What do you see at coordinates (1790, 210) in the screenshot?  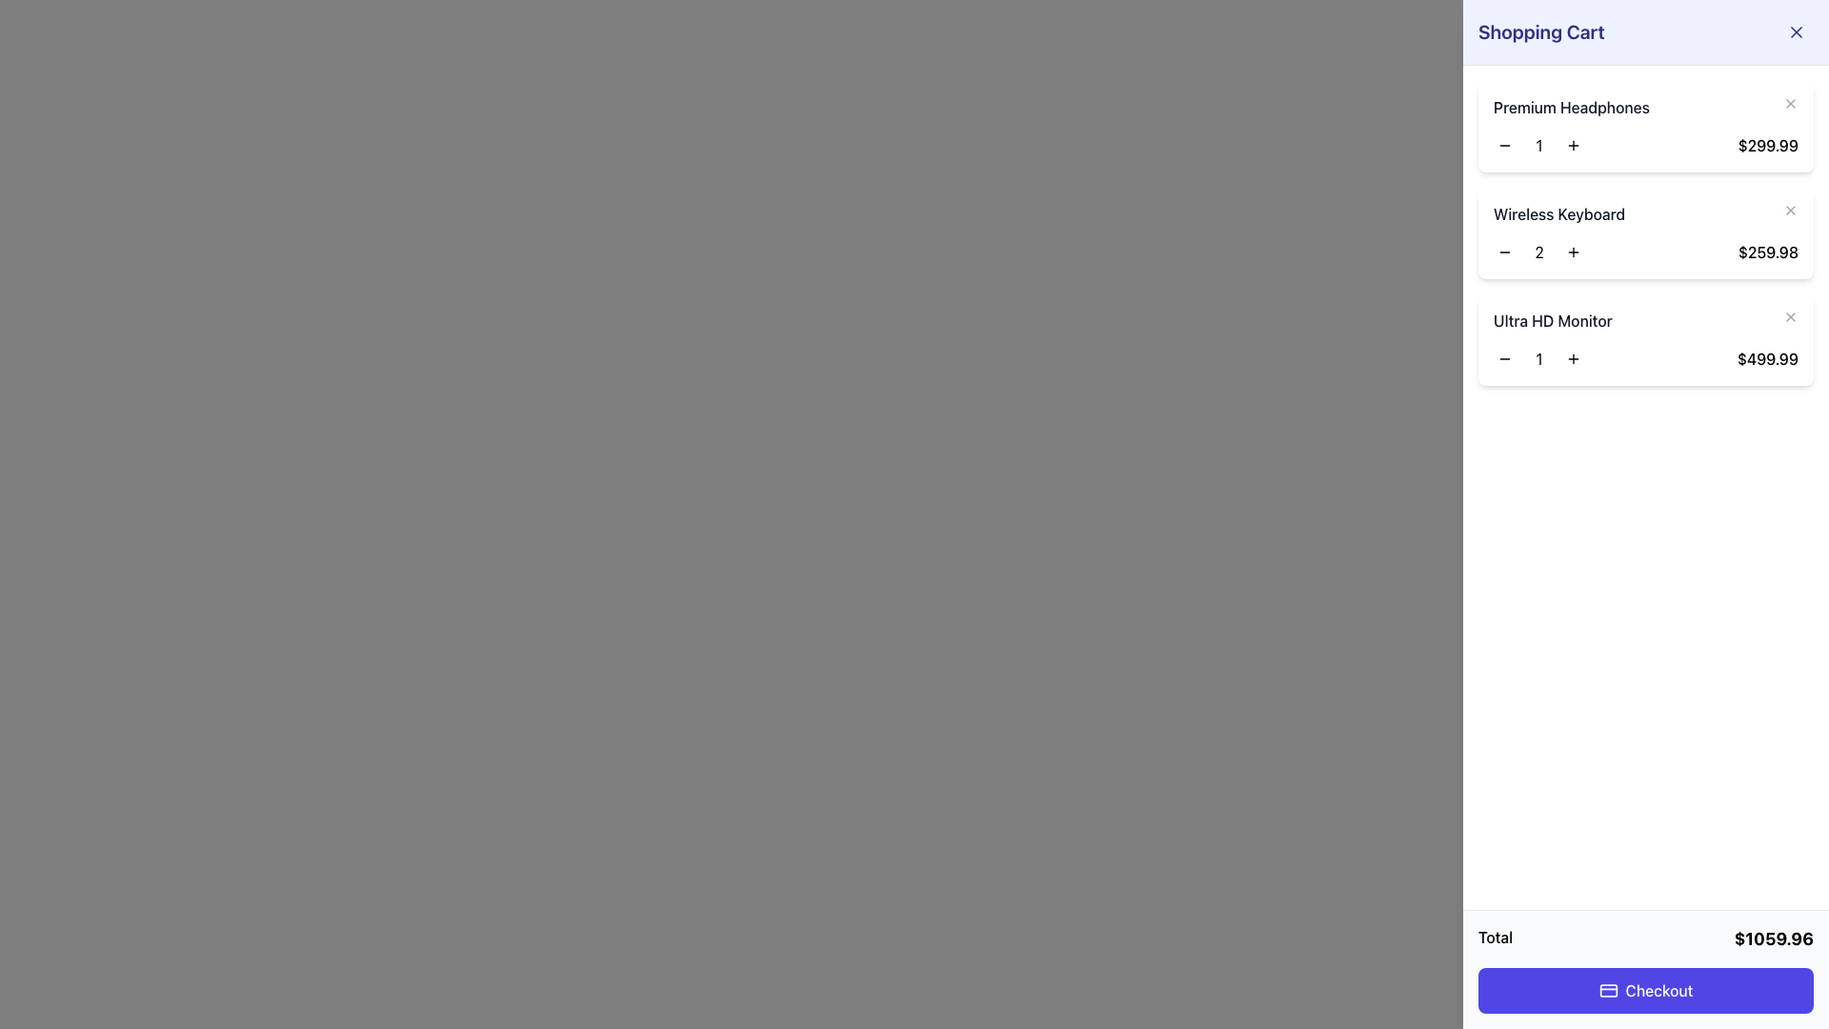 I see `the second interactive cross icon in the shopping cart list, located directly to the right of the 'Wireless Keyboard' item description, to change its color` at bounding box center [1790, 210].